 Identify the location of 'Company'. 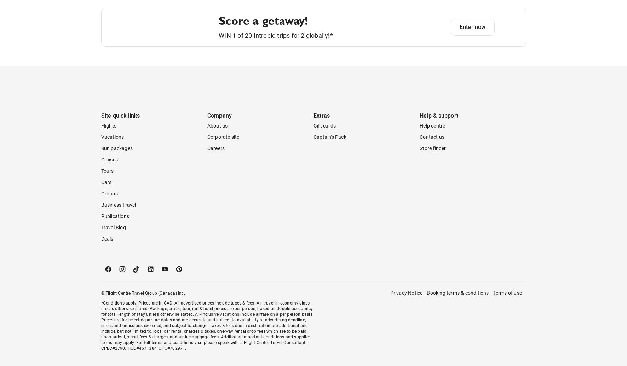
(219, 144).